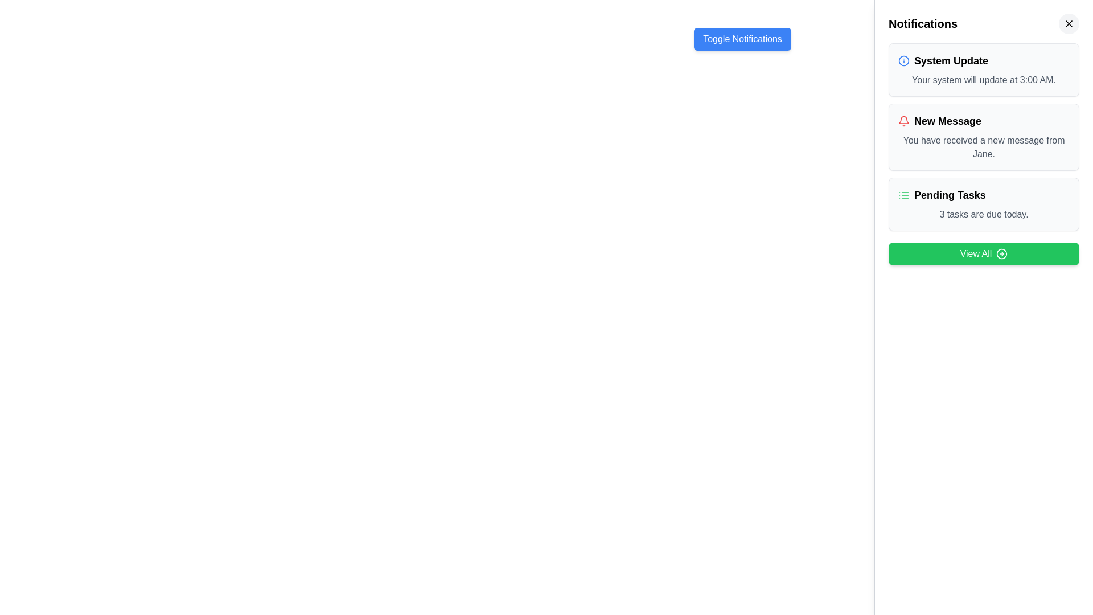  What do you see at coordinates (742, 39) in the screenshot?
I see `the rectangular button labeled 'Toggle Notifications' with a blue background and white text` at bounding box center [742, 39].